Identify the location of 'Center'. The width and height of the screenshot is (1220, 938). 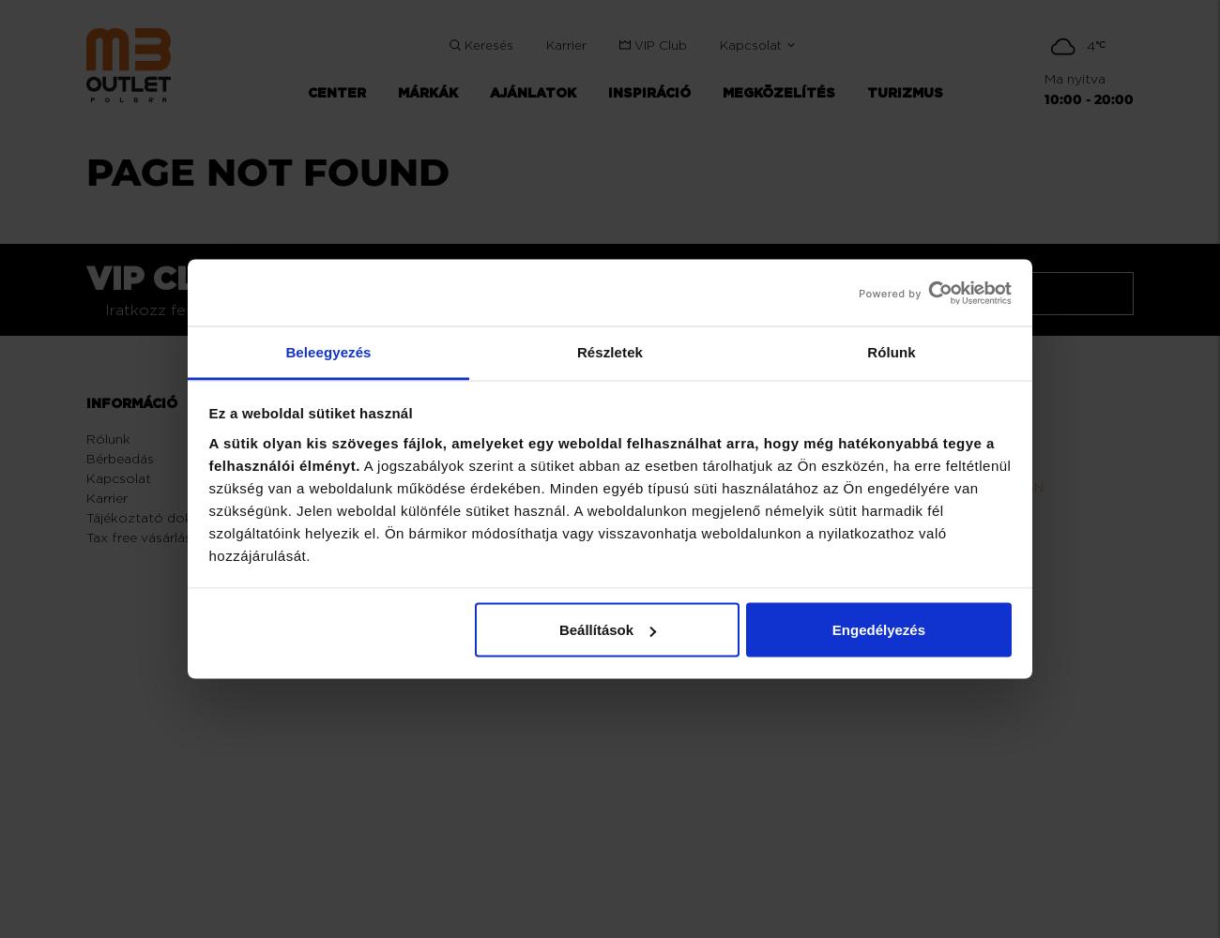
(376, 438).